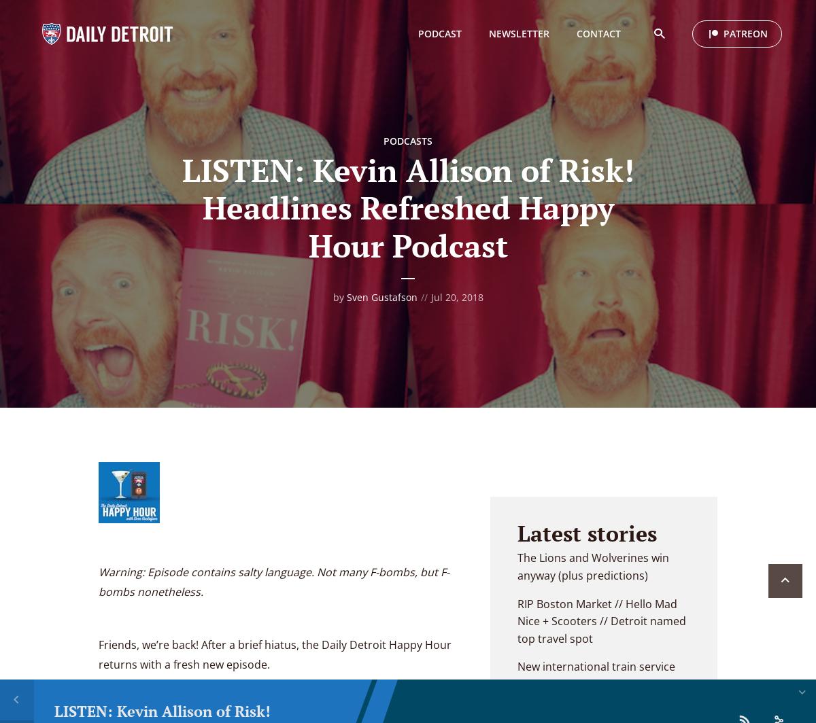  I want to click on 'LISTEN: Kevin Allison of Risk! Headlines Refreshed Happy Hour Podcast', so click(407, 207).